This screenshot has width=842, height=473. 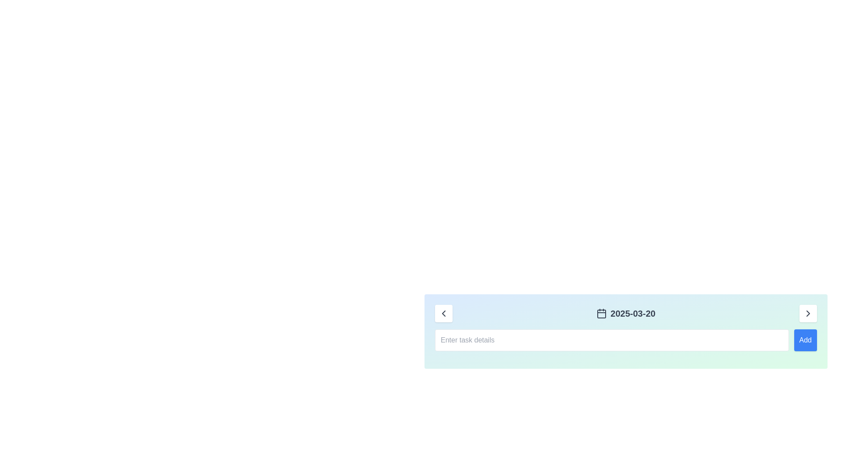 What do you see at coordinates (808, 313) in the screenshot?
I see `the SVG icon located at the rightmost end of the bar, next to the 'Add' button` at bounding box center [808, 313].